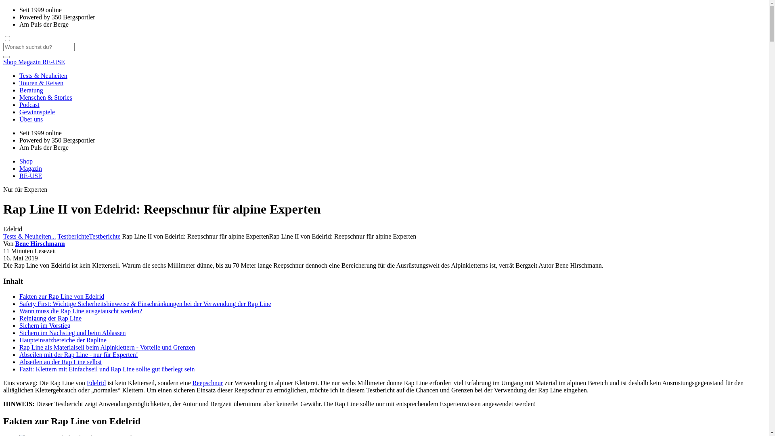 The image size is (775, 436). I want to click on 'Gewinnspiele', so click(19, 112).